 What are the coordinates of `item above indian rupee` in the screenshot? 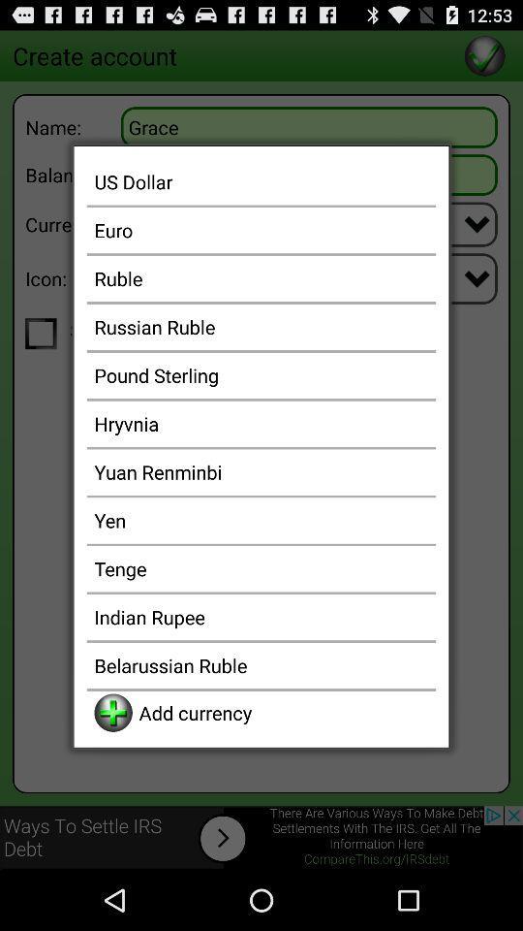 It's located at (261, 568).